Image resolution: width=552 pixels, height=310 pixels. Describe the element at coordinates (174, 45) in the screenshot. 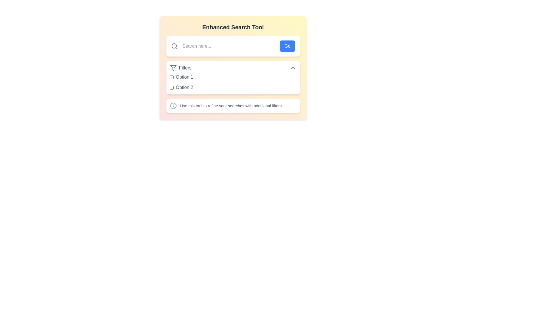

I see `the circular element of the magnifying glass icon, which is styled with a stroke and gray color, located at the center of the icon to the left of the search input field` at that location.